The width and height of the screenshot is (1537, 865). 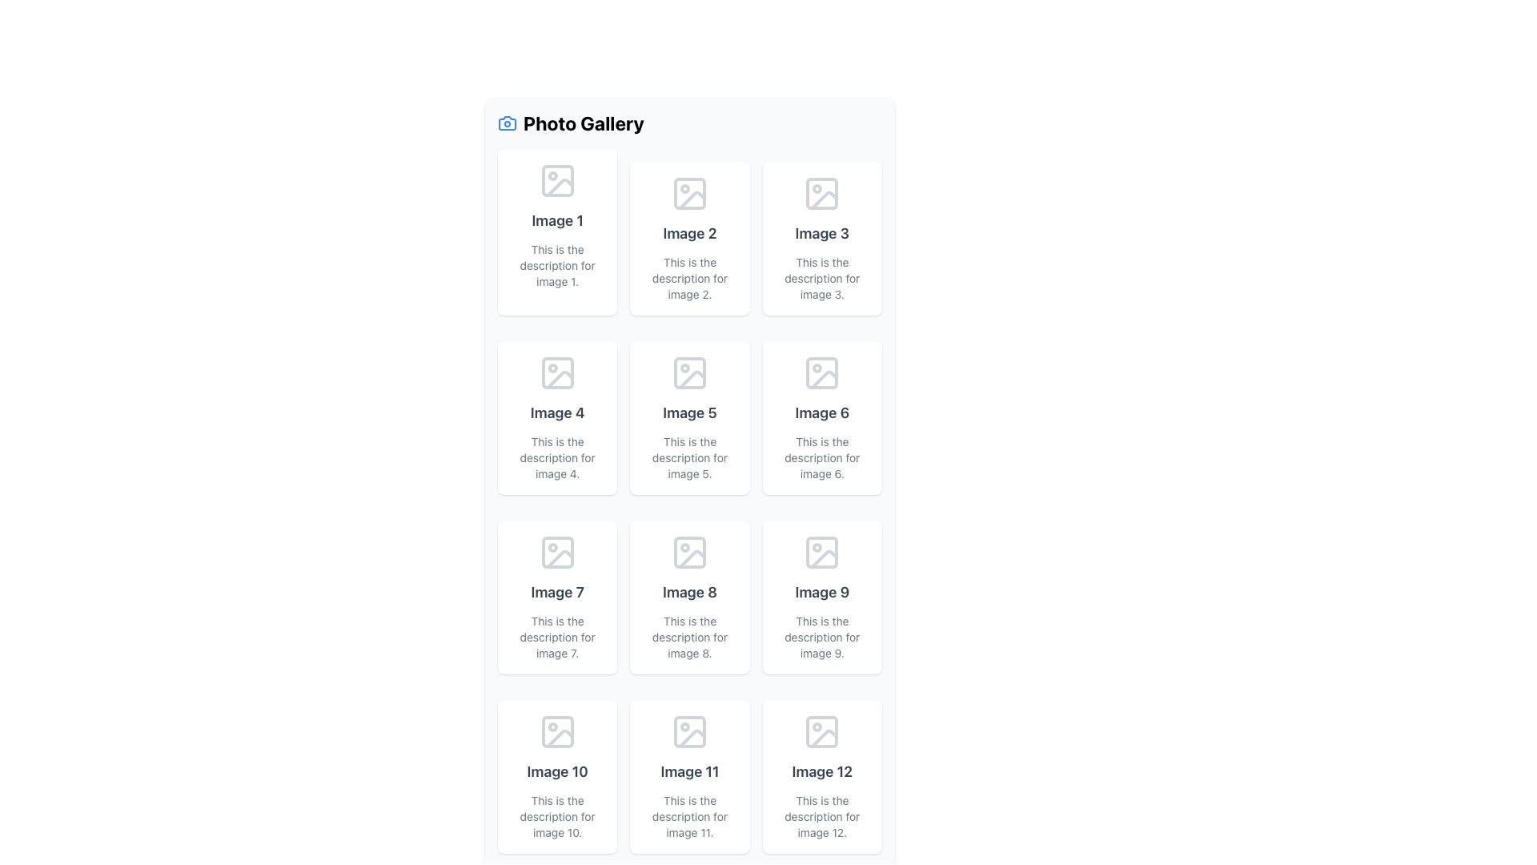 I want to click on the decorative photo gallery icon located at the top-left of the page, directly to the left of the 'Photo Gallery' header text, so click(x=506, y=123).